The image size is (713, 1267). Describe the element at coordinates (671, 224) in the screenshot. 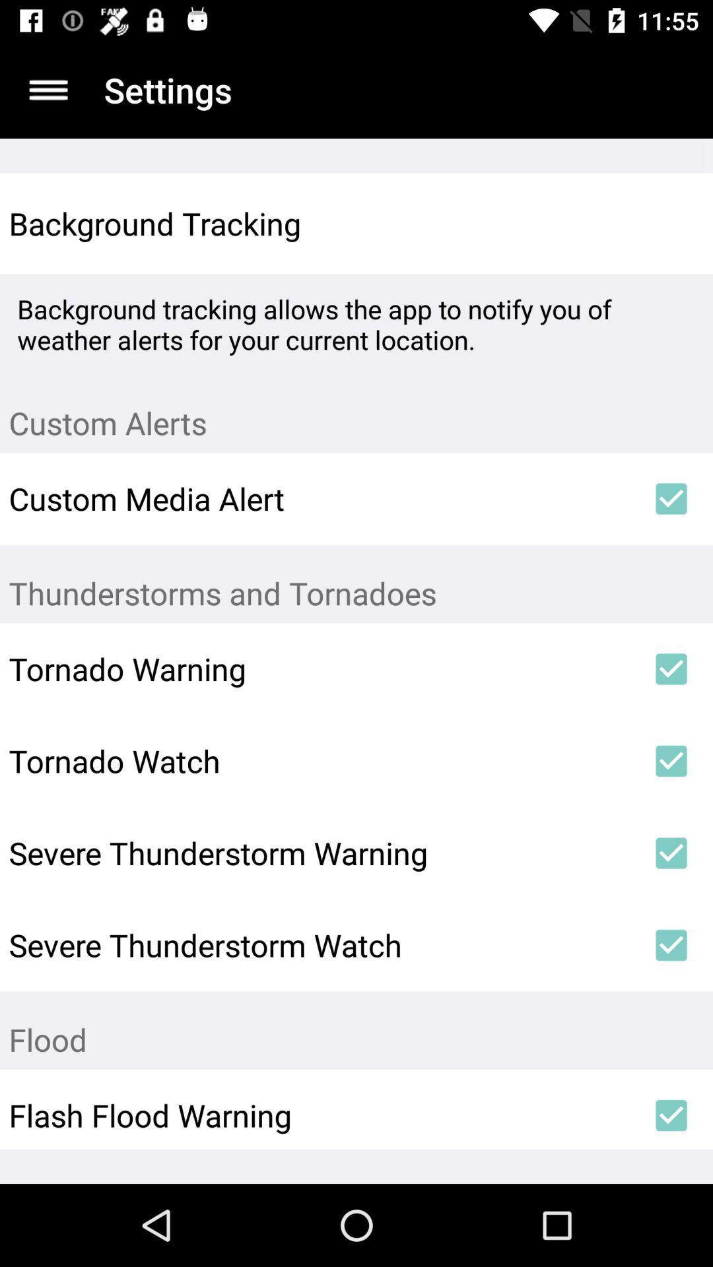

I see `the item at the top right corner` at that location.